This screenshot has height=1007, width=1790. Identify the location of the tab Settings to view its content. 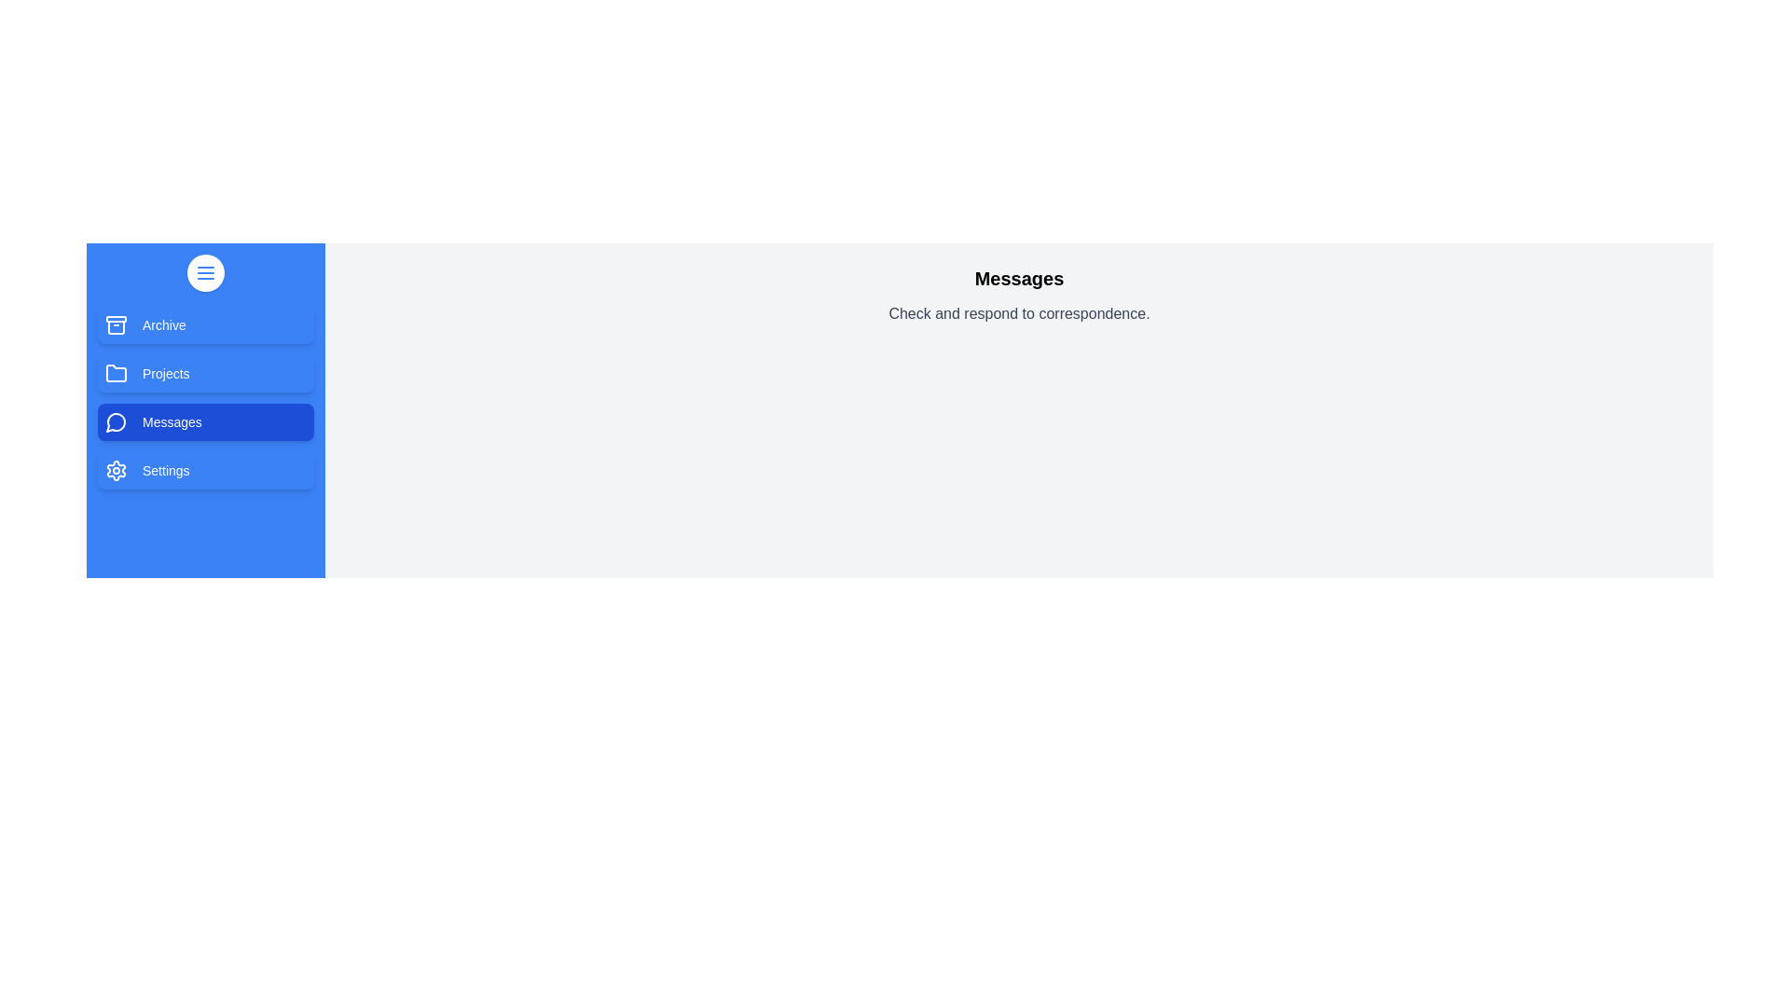
(205, 470).